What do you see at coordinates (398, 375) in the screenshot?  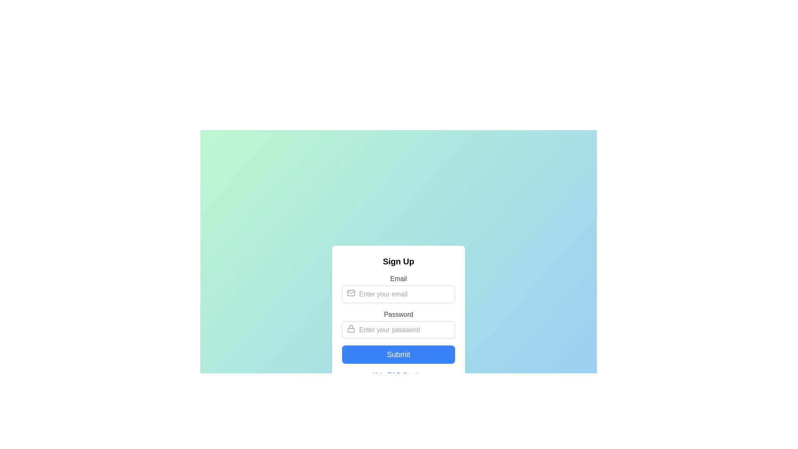 I see `the blue, underlined hyperlink text 'Hide FAQ Section' located at the bottom of the 'Sign Up' card, directly below the 'Submit' button` at bounding box center [398, 375].